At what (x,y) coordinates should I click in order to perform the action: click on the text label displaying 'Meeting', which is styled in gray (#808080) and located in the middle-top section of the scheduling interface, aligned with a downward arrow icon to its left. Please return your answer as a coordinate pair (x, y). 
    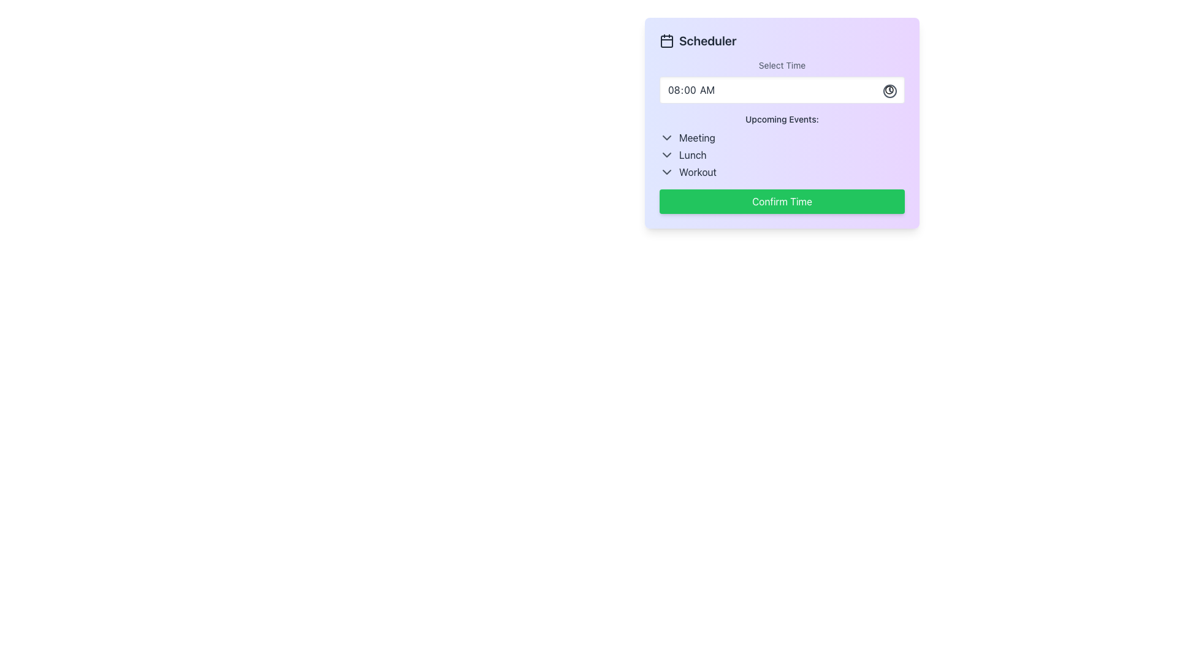
    Looking at the image, I should click on (697, 137).